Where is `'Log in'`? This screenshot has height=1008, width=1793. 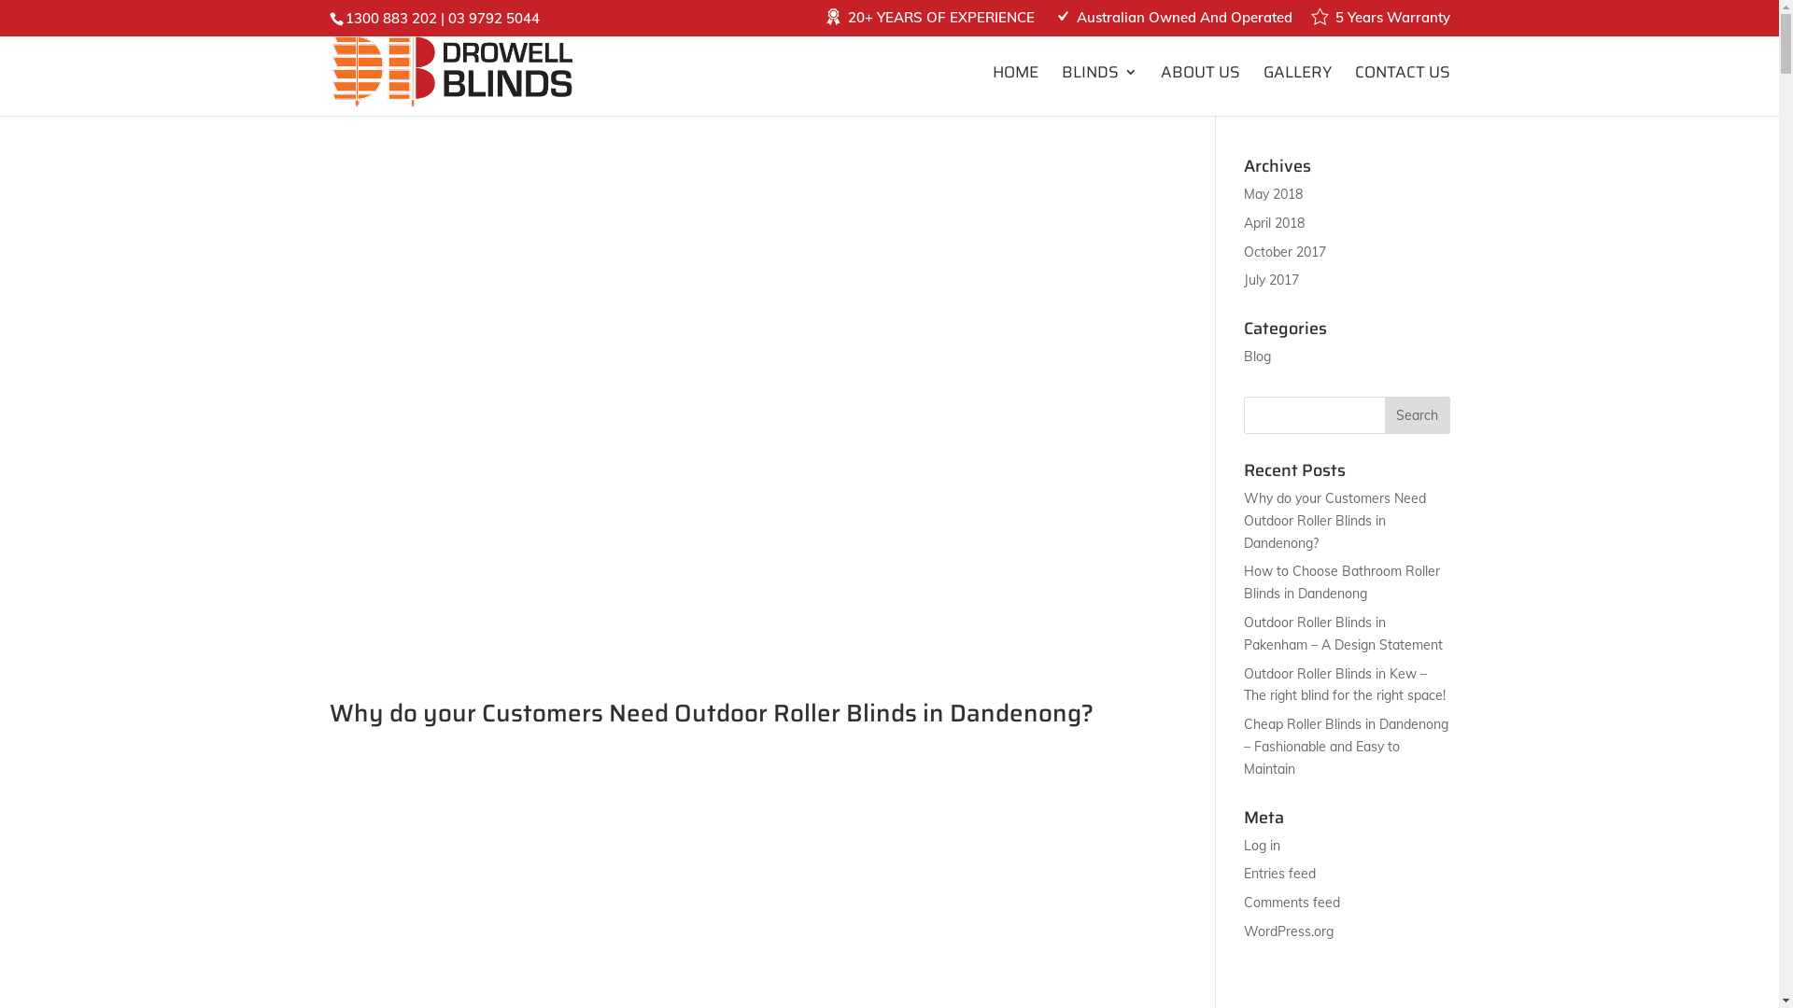 'Log in' is located at coordinates (1262, 846).